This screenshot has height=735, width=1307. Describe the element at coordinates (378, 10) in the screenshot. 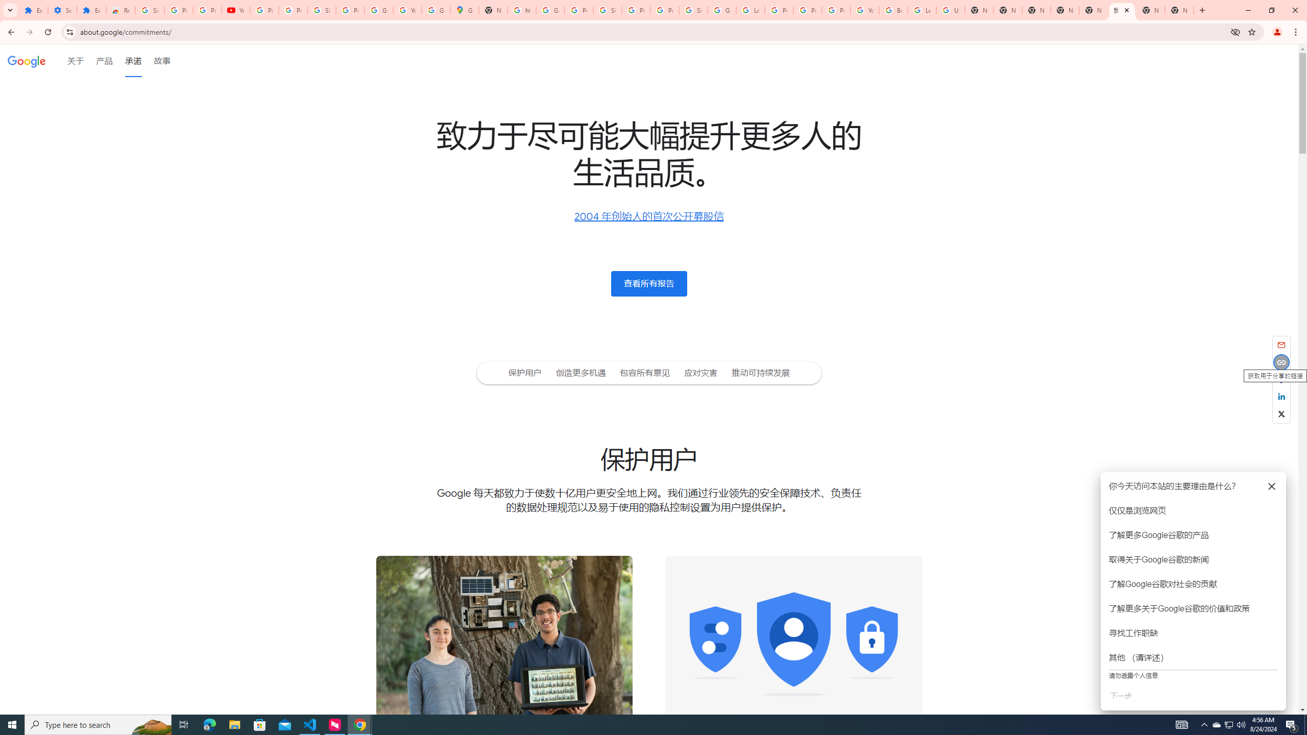

I see `'Google Account'` at that location.